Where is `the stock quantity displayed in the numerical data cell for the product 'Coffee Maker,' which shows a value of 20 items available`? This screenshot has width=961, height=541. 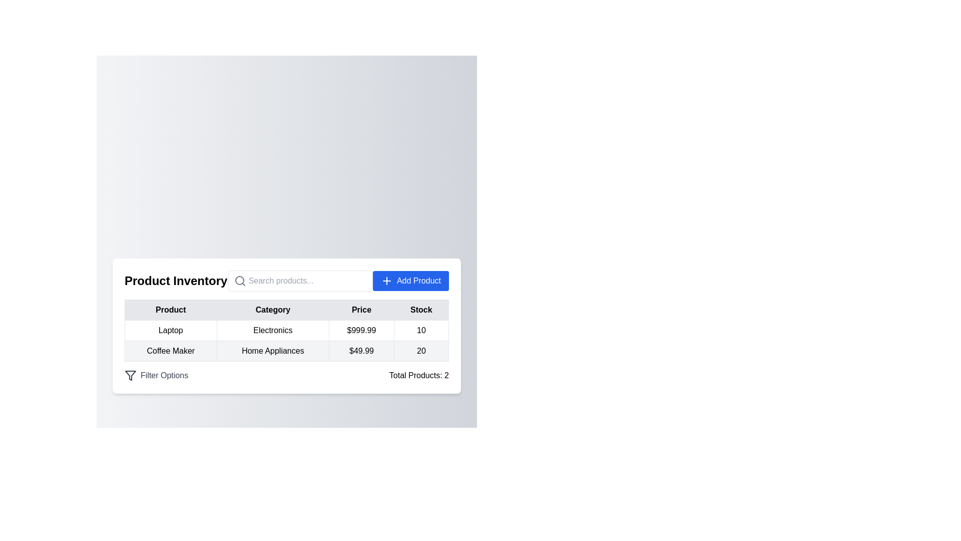
the stock quantity displayed in the numerical data cell for the product 'Coffee Maker,' which shows a value of 20 items available is located at coordinates (421, 351).